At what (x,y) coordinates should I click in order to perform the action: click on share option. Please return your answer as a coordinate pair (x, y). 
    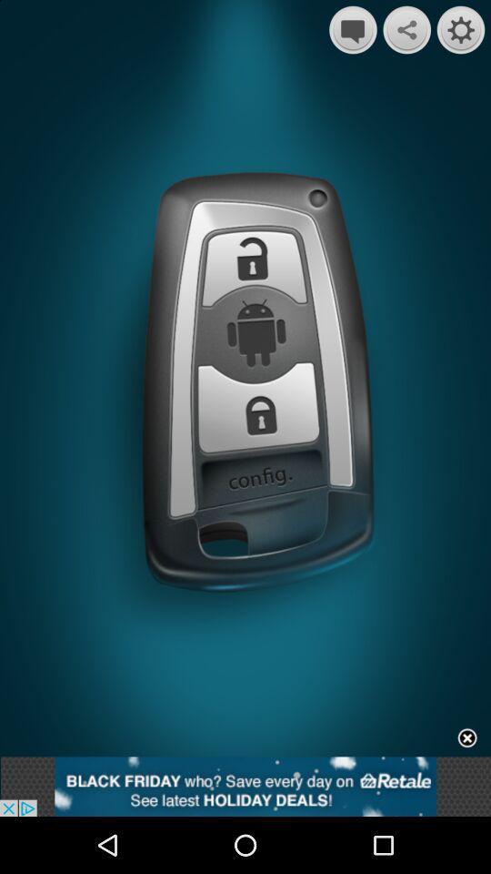
    Looking at the image, I should click on (406, 29).